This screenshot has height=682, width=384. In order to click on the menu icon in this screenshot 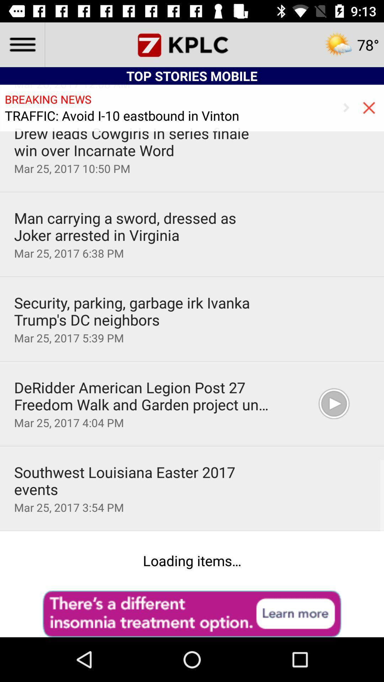, I will do `click(22, 44)`.